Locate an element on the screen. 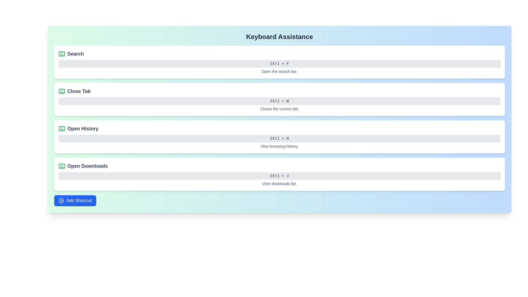 This screenshot has height=297, width=528. the Shortcut indicator for the 'Open History' section, which shows 'Ctrl + H' as the keyboard shortcut is located at coordinates (279, 138).